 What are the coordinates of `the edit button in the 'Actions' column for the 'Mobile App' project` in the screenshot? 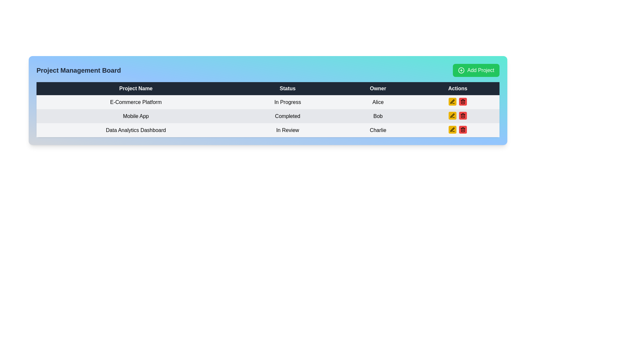 It's located at (452, 115).